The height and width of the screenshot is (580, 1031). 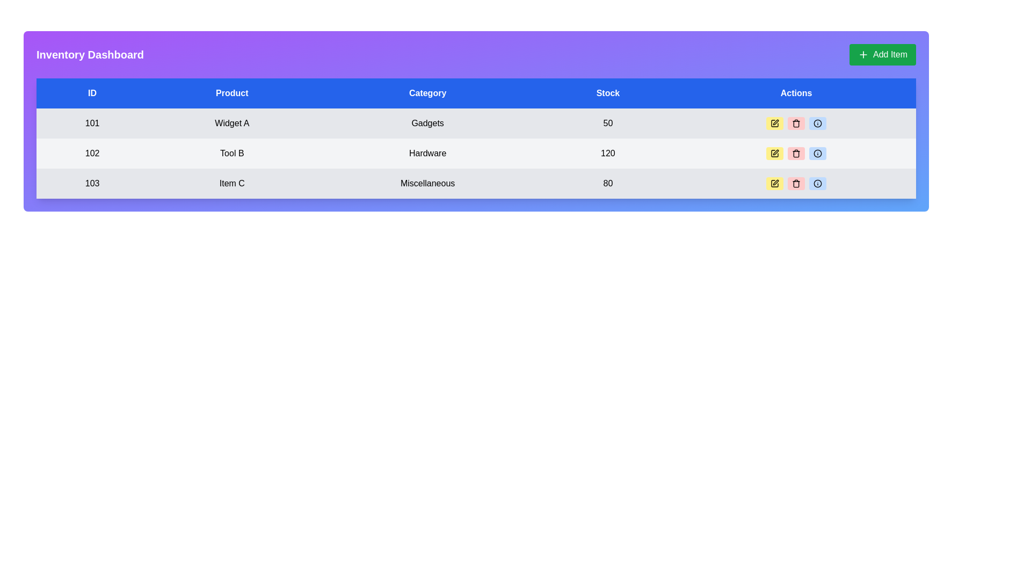 I want to click on the small blue circular information icon button located in the 'Actions' column of the third row of the table, so click(x=817, y=153).